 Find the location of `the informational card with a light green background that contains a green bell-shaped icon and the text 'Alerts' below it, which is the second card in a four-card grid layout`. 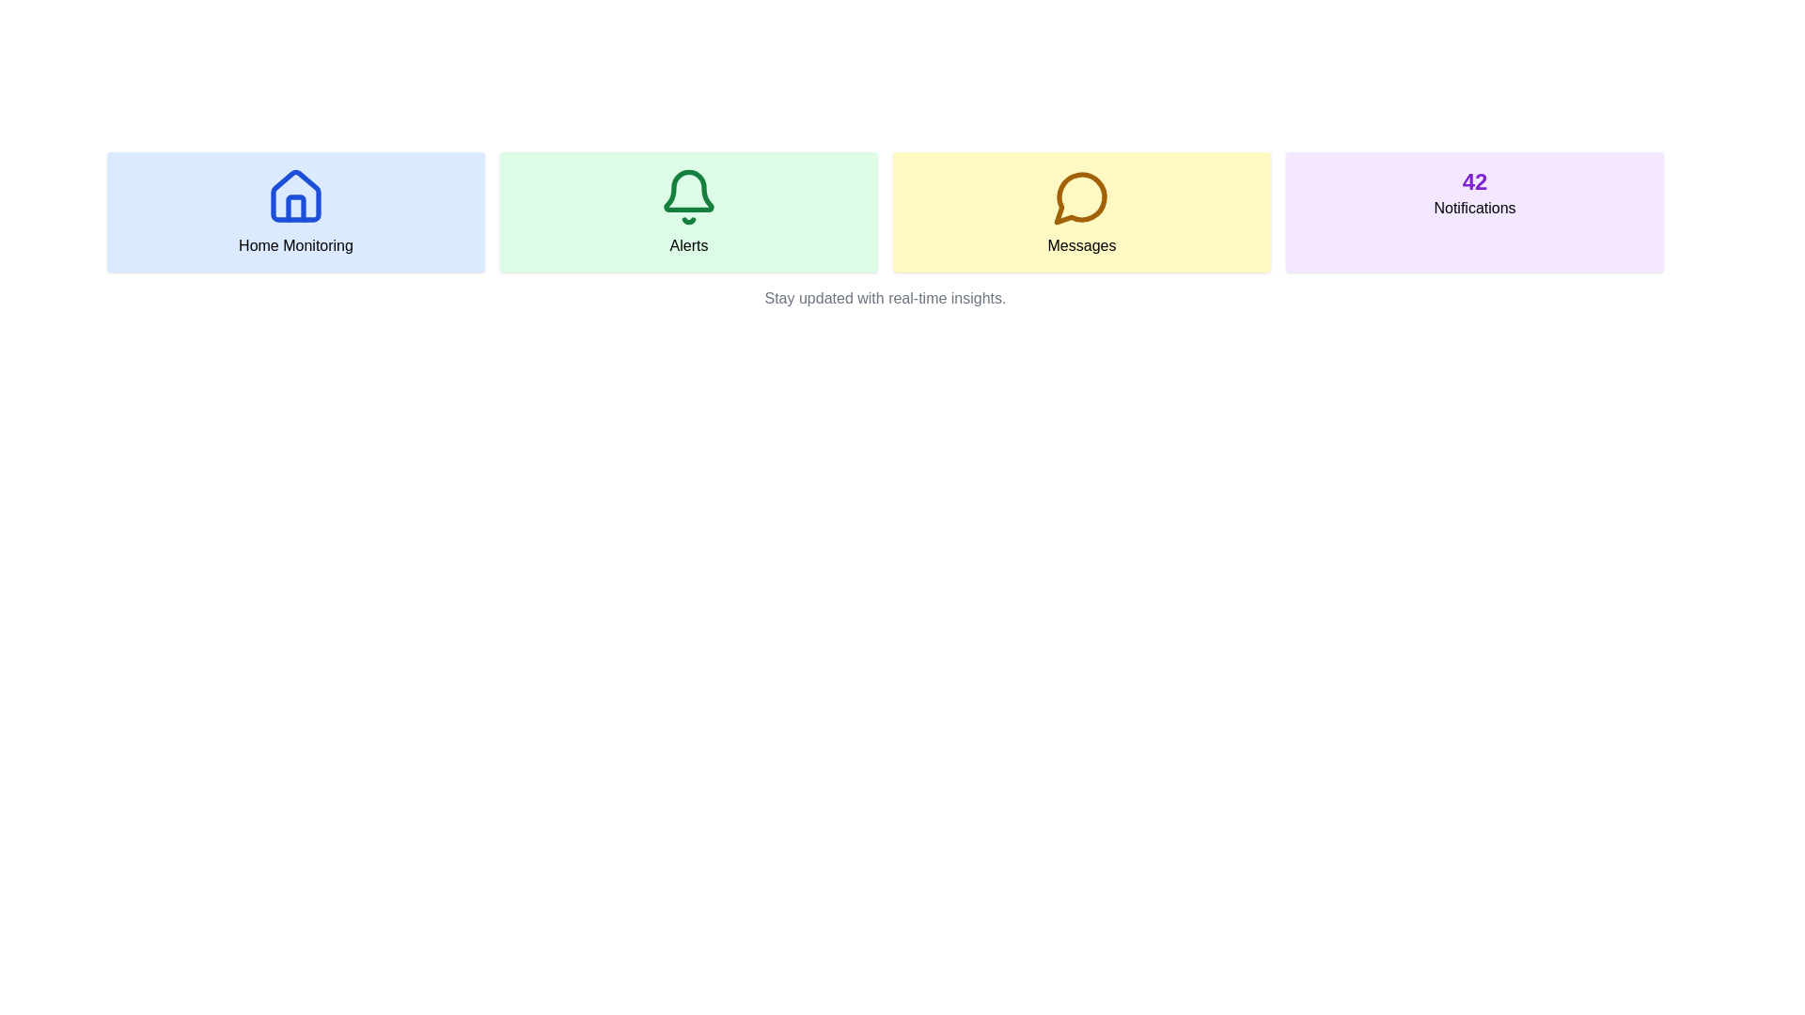

the informational card with a light green background that contains a green bell-shaped icon and the text 'Alerts' below it, which is the second card in a four-card grid layout is located at coordinates (688, 211).